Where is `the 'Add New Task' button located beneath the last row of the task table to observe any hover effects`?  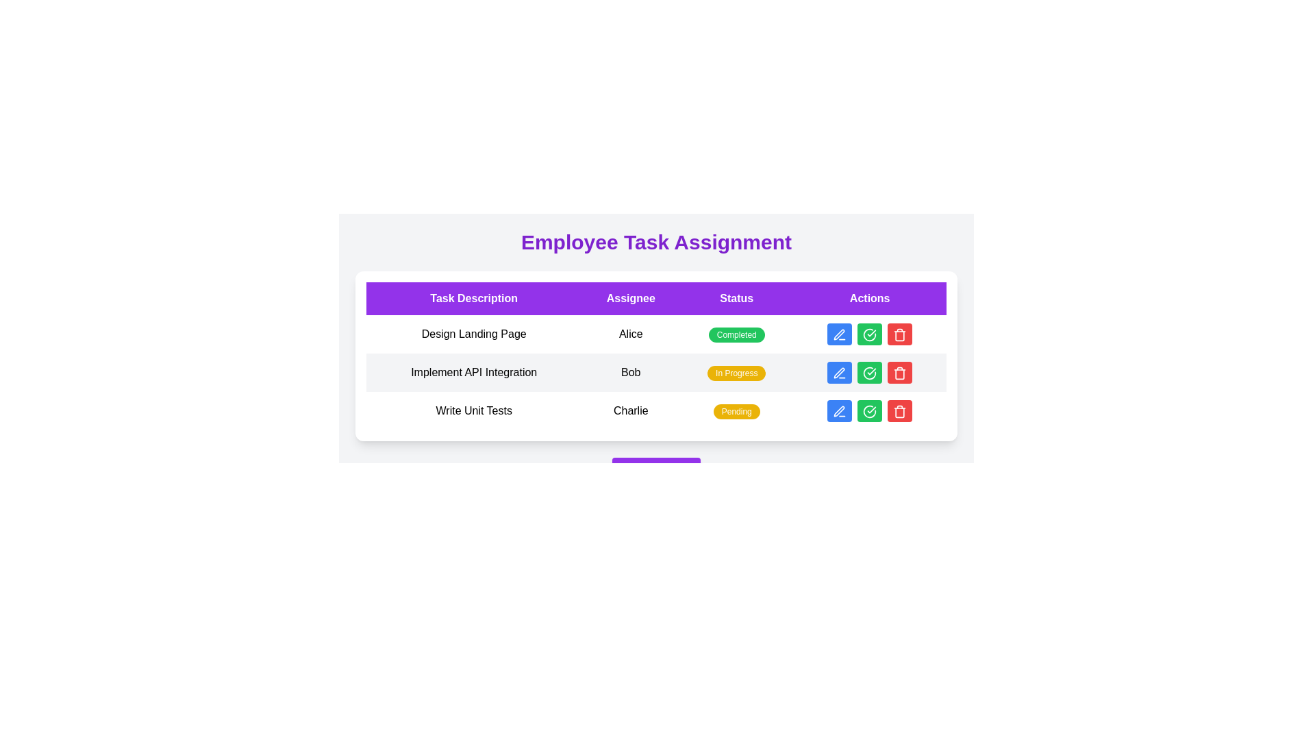 the 'Add New Task' button located beneath the last row of the task table to observe any hover effects is located at coordinates (655, 470).